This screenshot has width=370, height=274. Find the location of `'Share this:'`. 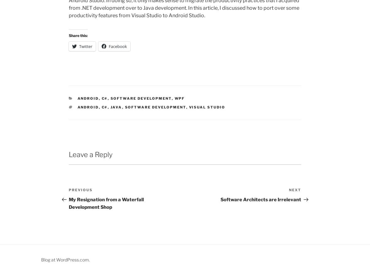

'Share this:' is located at coordinates (78, 35).